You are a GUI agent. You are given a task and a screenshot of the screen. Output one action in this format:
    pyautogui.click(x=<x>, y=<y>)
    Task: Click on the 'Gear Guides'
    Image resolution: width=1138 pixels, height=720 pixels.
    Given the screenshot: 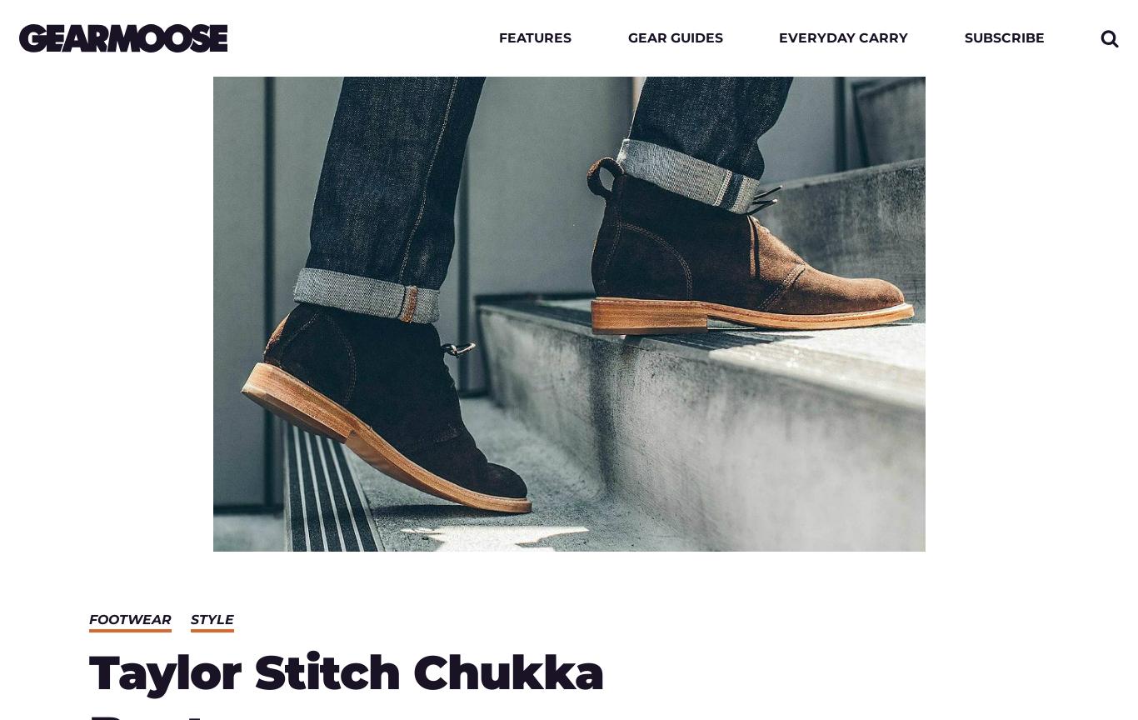 What is the action you would take?
    pyautogui.click(x=674, y=37)
    